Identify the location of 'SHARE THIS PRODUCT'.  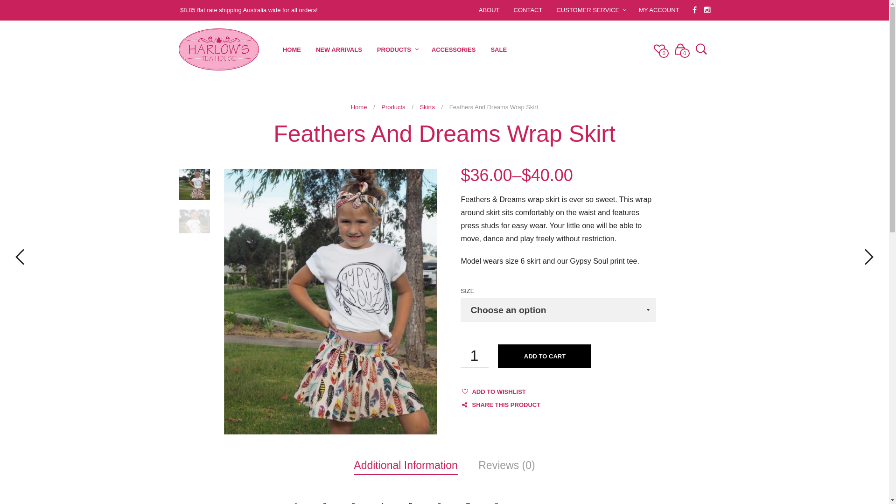
(500, 404).